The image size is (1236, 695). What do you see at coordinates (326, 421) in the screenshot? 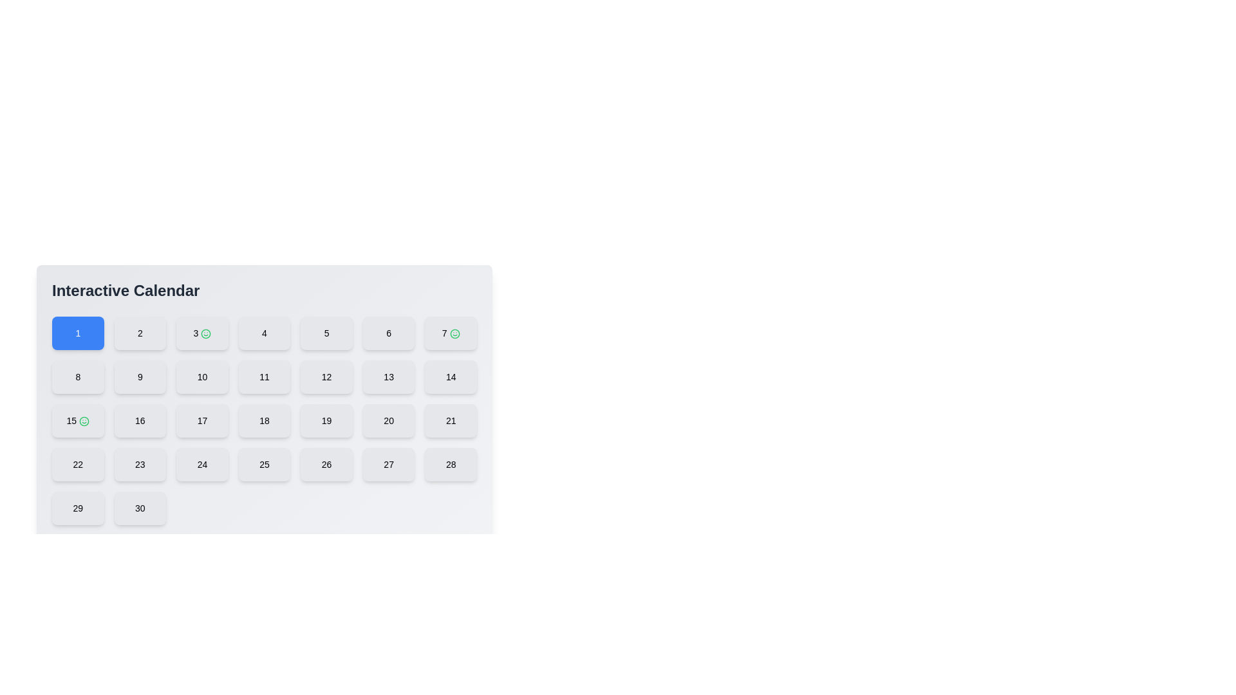
I see `the calendar date button representing the 19th date in the interactive calendar interface` at bounding box center [326, 421].